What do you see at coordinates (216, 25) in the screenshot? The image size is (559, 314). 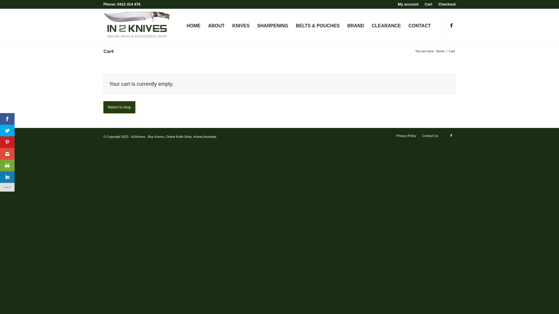 I see `'ABOUT'` at bounding box center [216, 25].